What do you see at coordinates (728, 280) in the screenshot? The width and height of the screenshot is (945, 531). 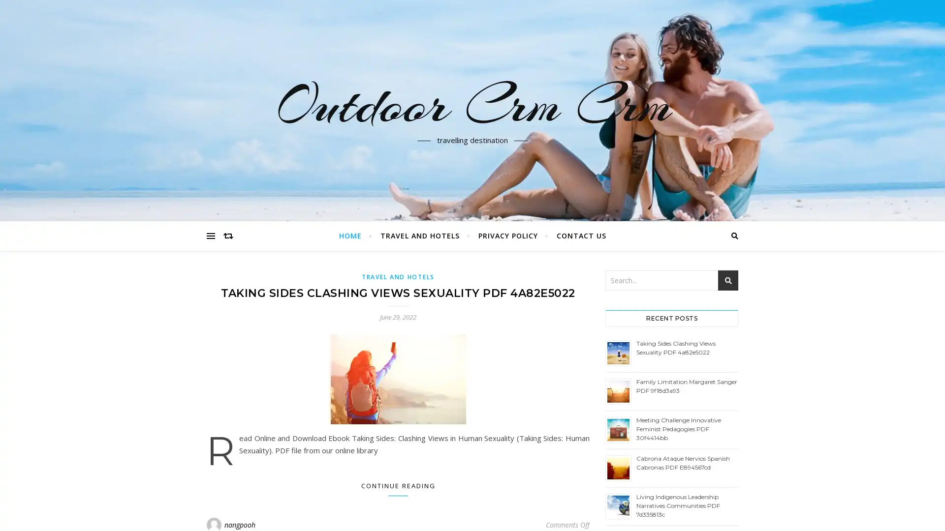 I see `st` at bounding box center [728, 280].